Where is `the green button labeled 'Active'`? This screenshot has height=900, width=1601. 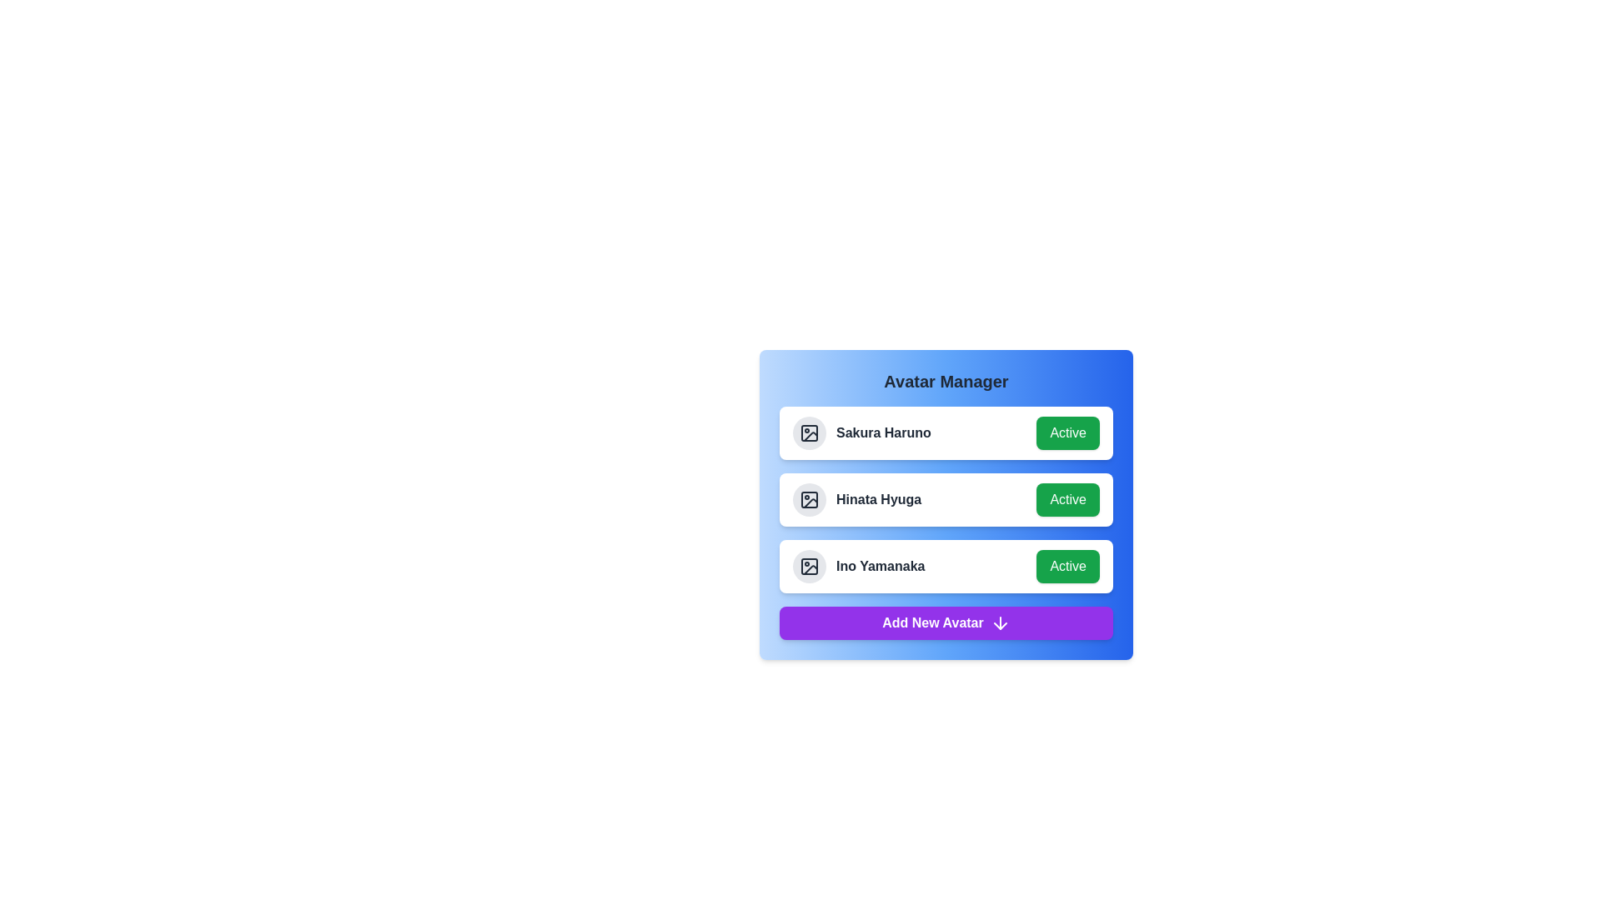
the green button labeled 'Active' is located at coordinates (1068, 565).